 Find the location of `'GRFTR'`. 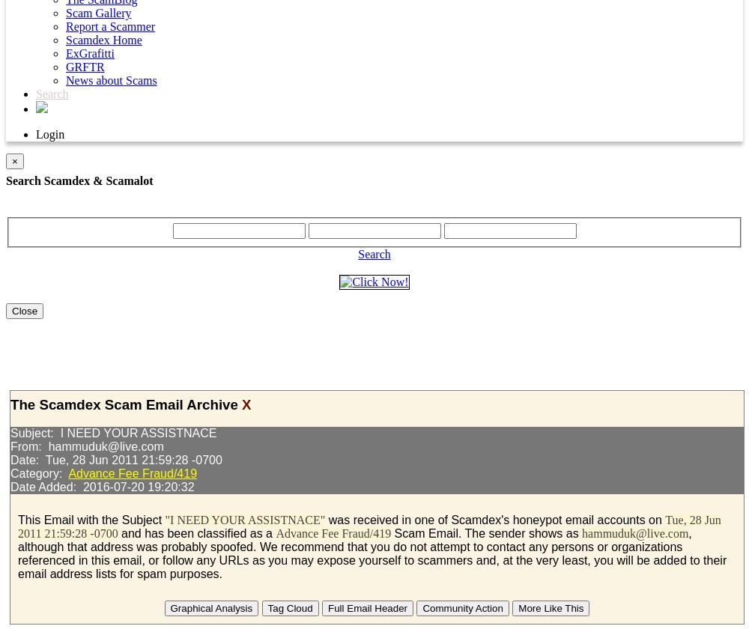

'GRFTR' is located at coordinates (84, 67).